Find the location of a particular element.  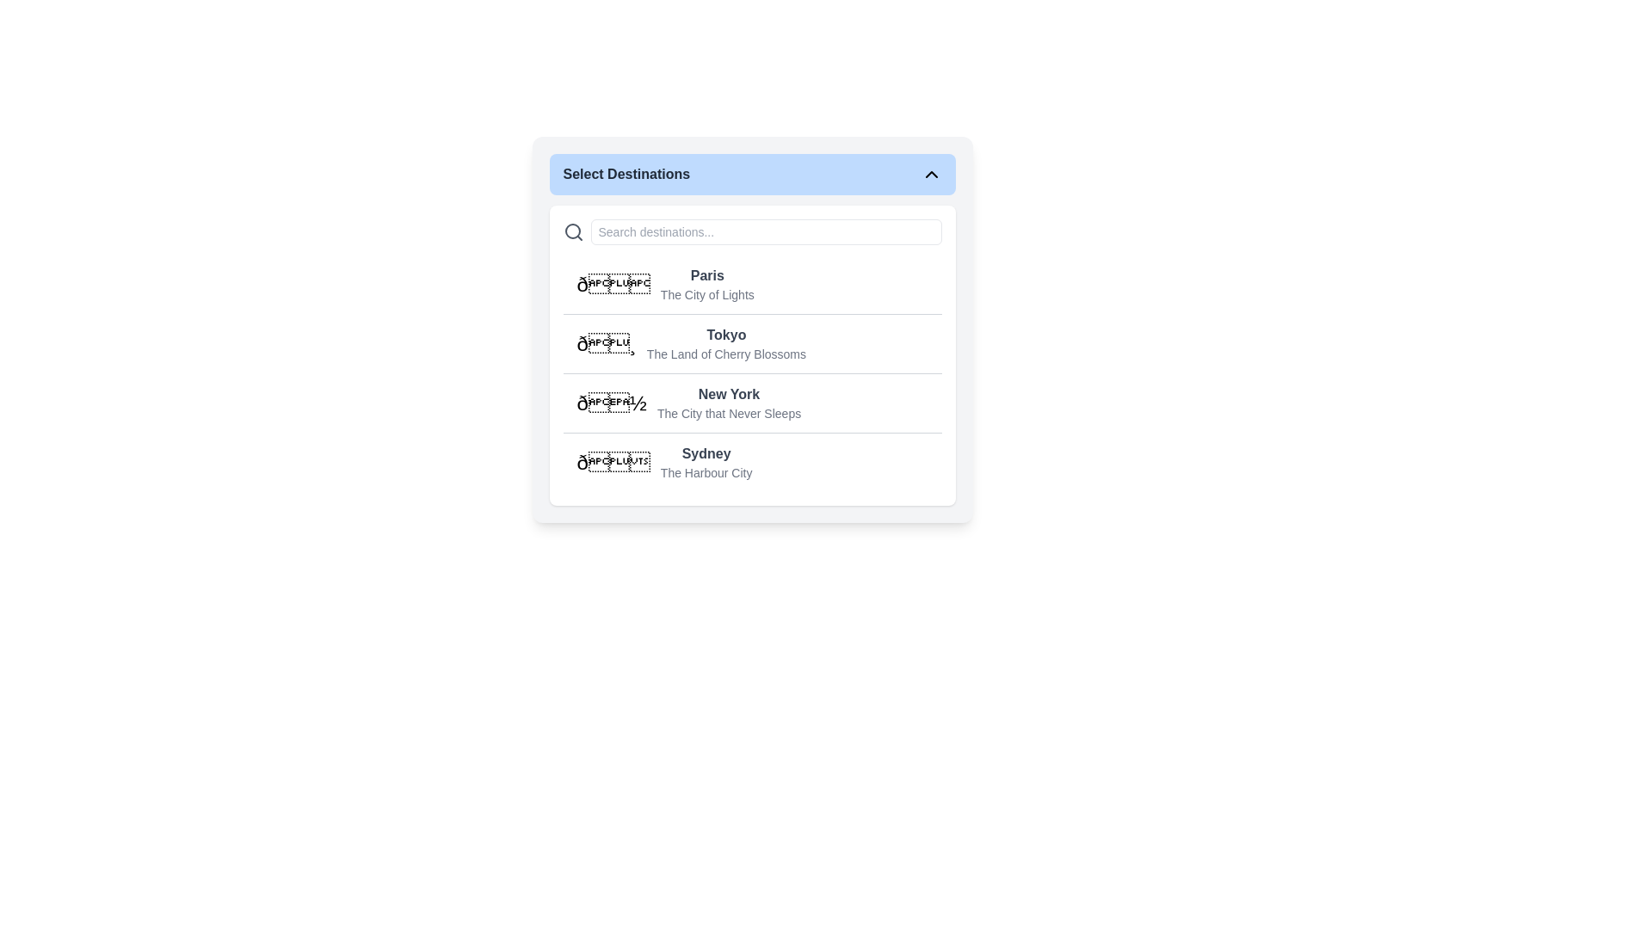

the text label indicating the destination 'Sydney' is located at coordinates (706, 453).